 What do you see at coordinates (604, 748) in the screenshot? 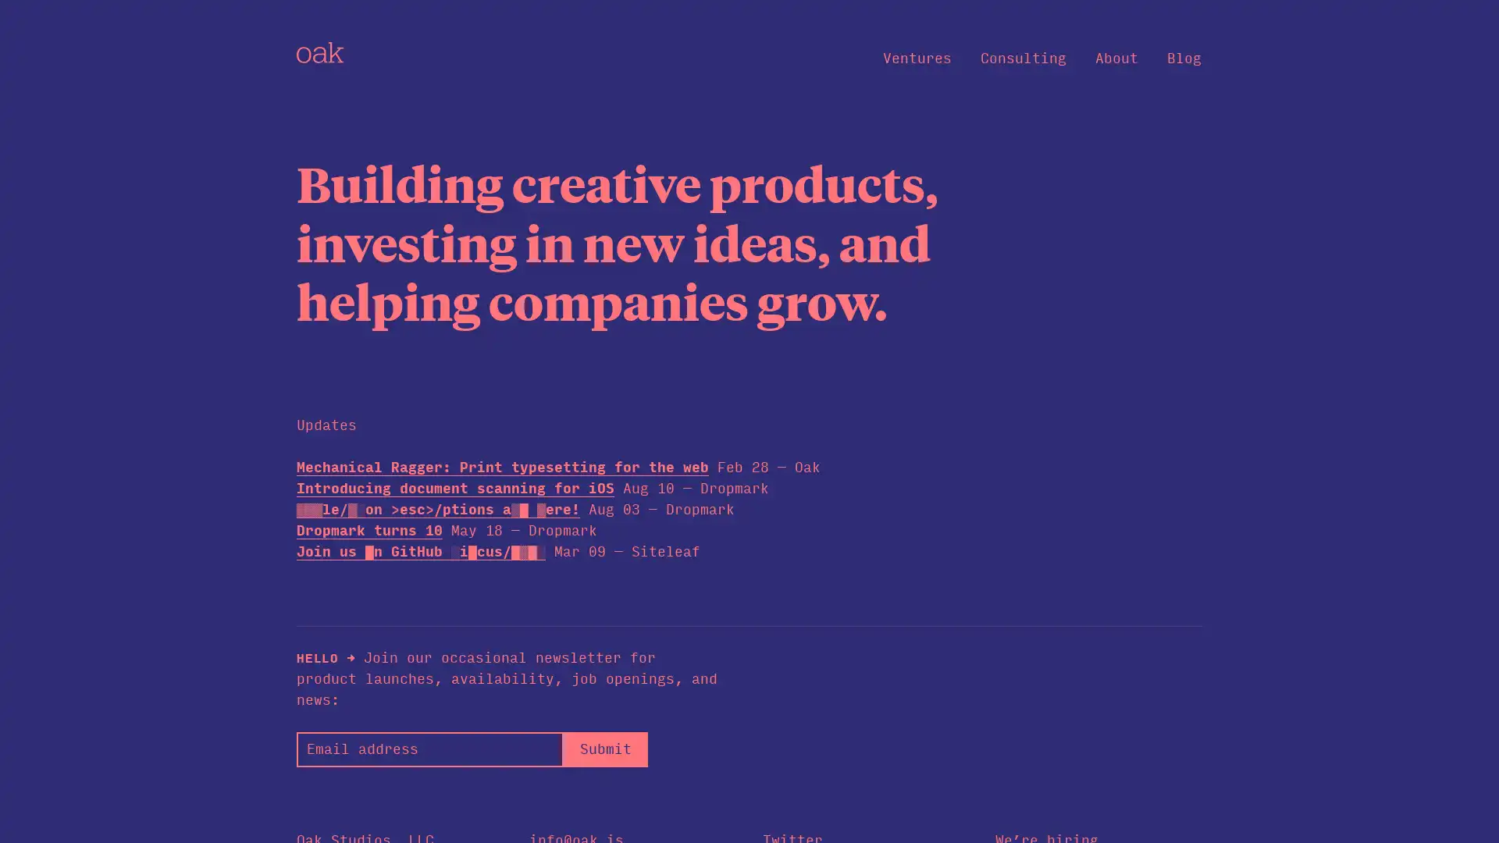
I see `Submit` at bounding box center [604, 748].